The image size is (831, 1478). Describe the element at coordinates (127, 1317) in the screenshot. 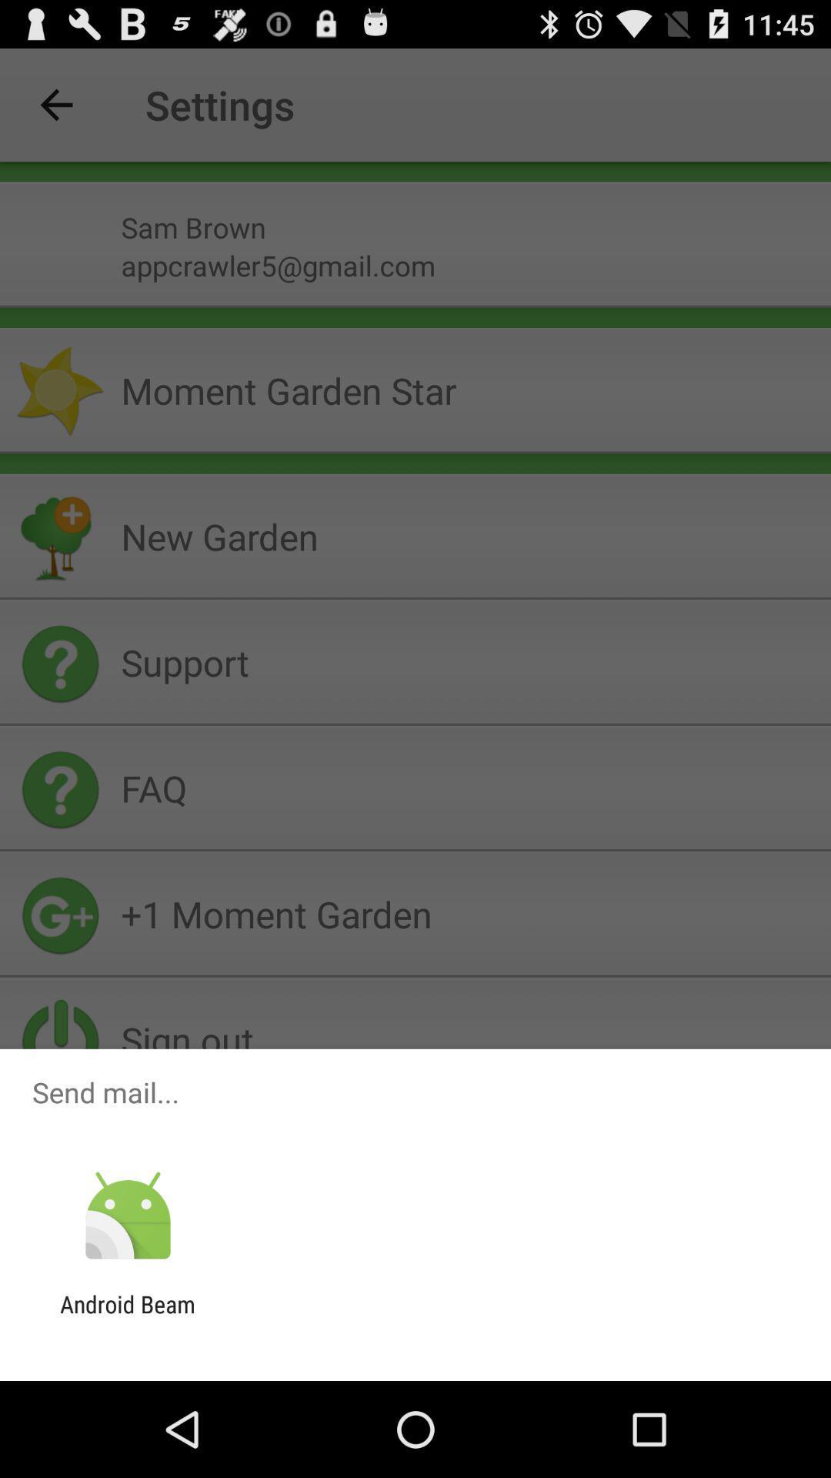

I see `android beam item` at that location.